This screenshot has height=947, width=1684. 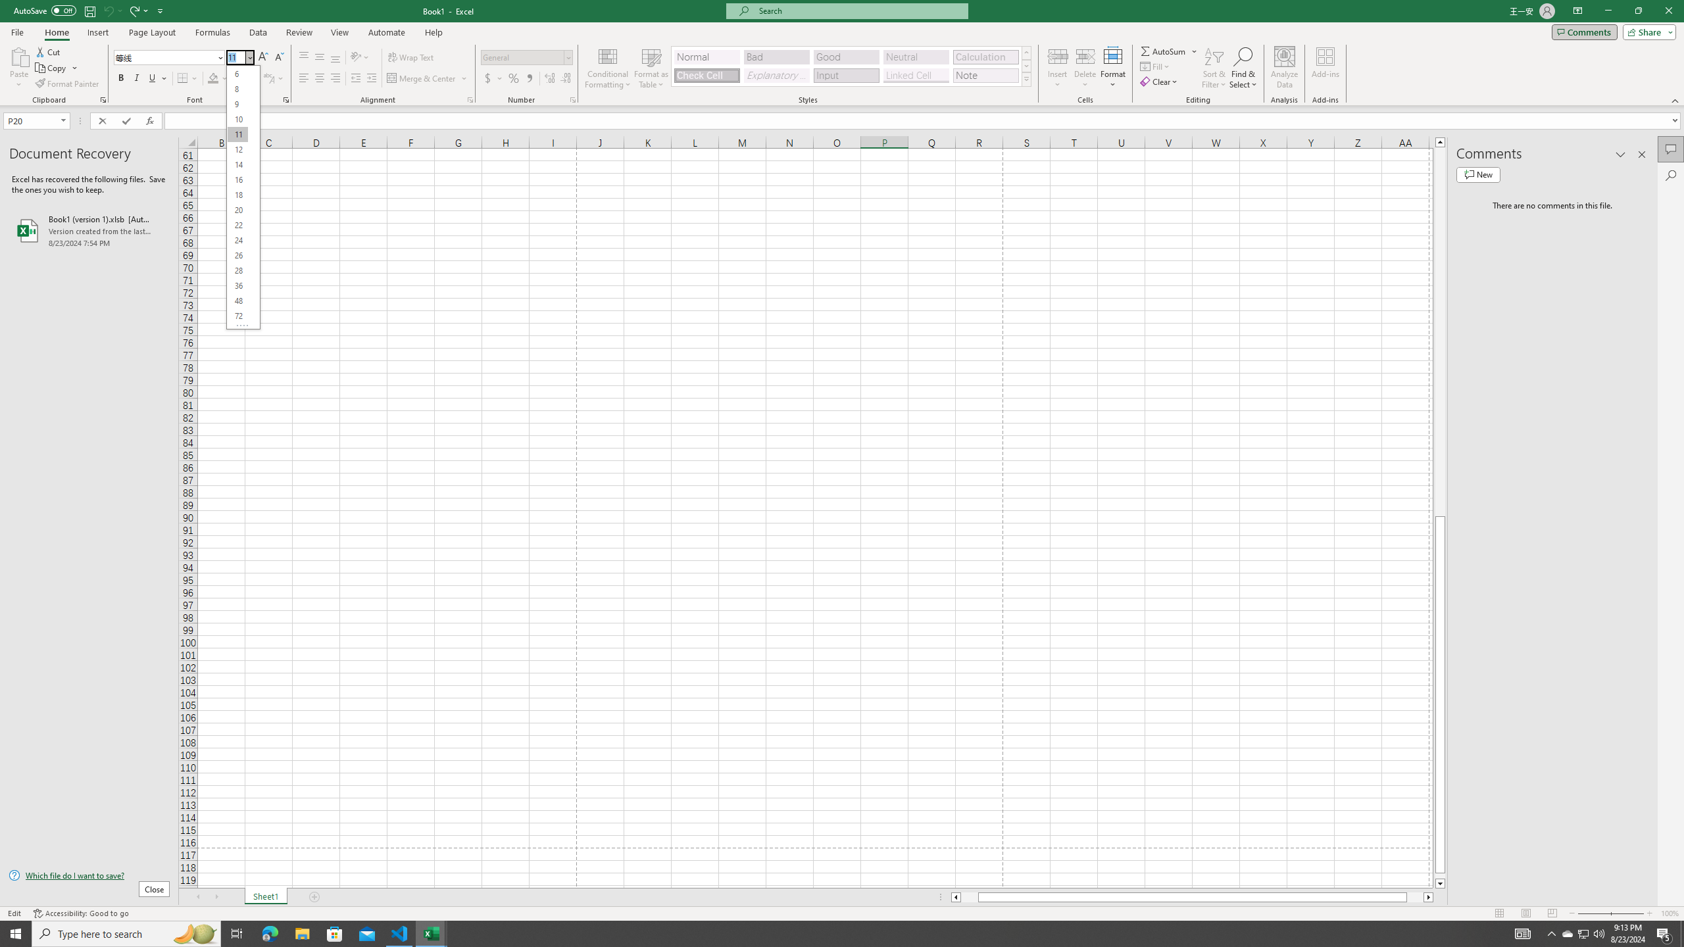 What do you see at coordinates (278, 57) in the screenshot?
I see `'Decrease Font Size'` at bounding box center [278, 57].